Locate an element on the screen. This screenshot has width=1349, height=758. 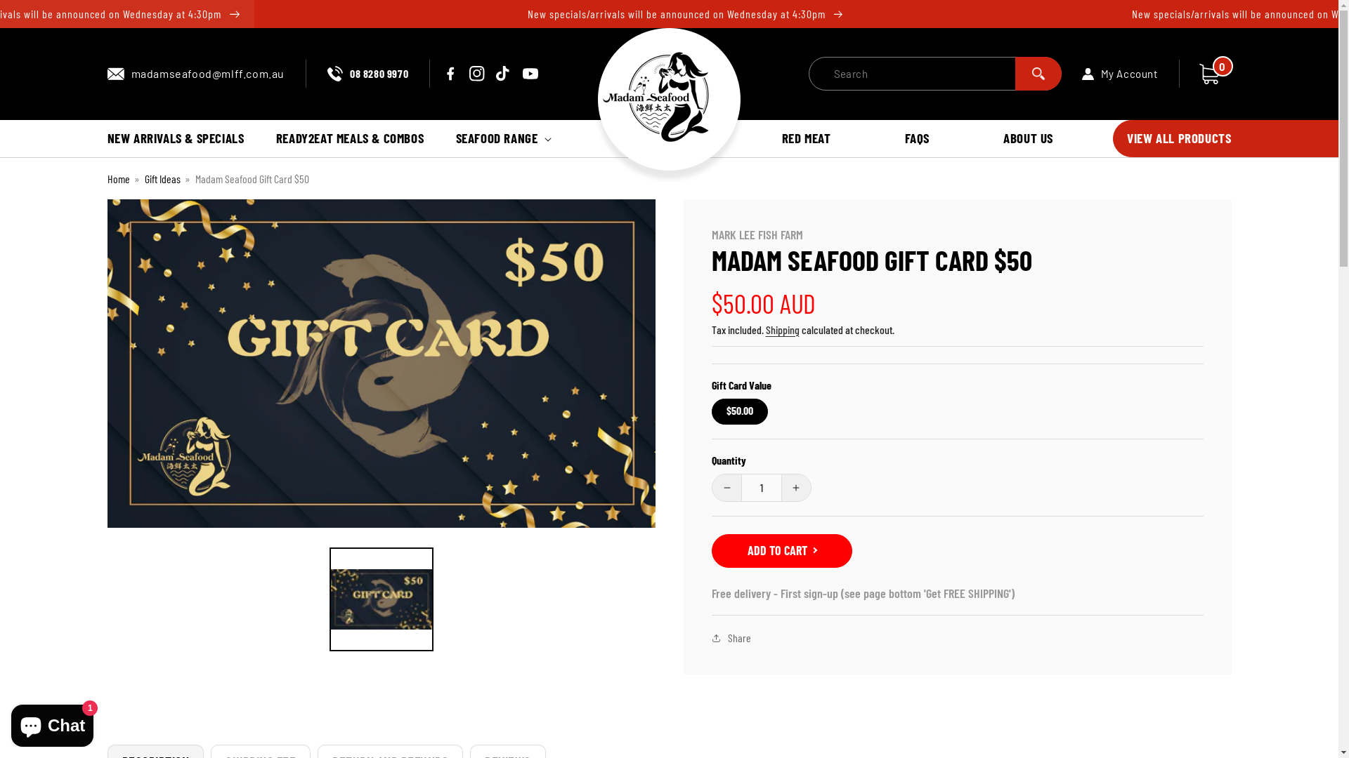
'READY2EAT MEALS & COMBOS' is located at coordinates (350, 138).